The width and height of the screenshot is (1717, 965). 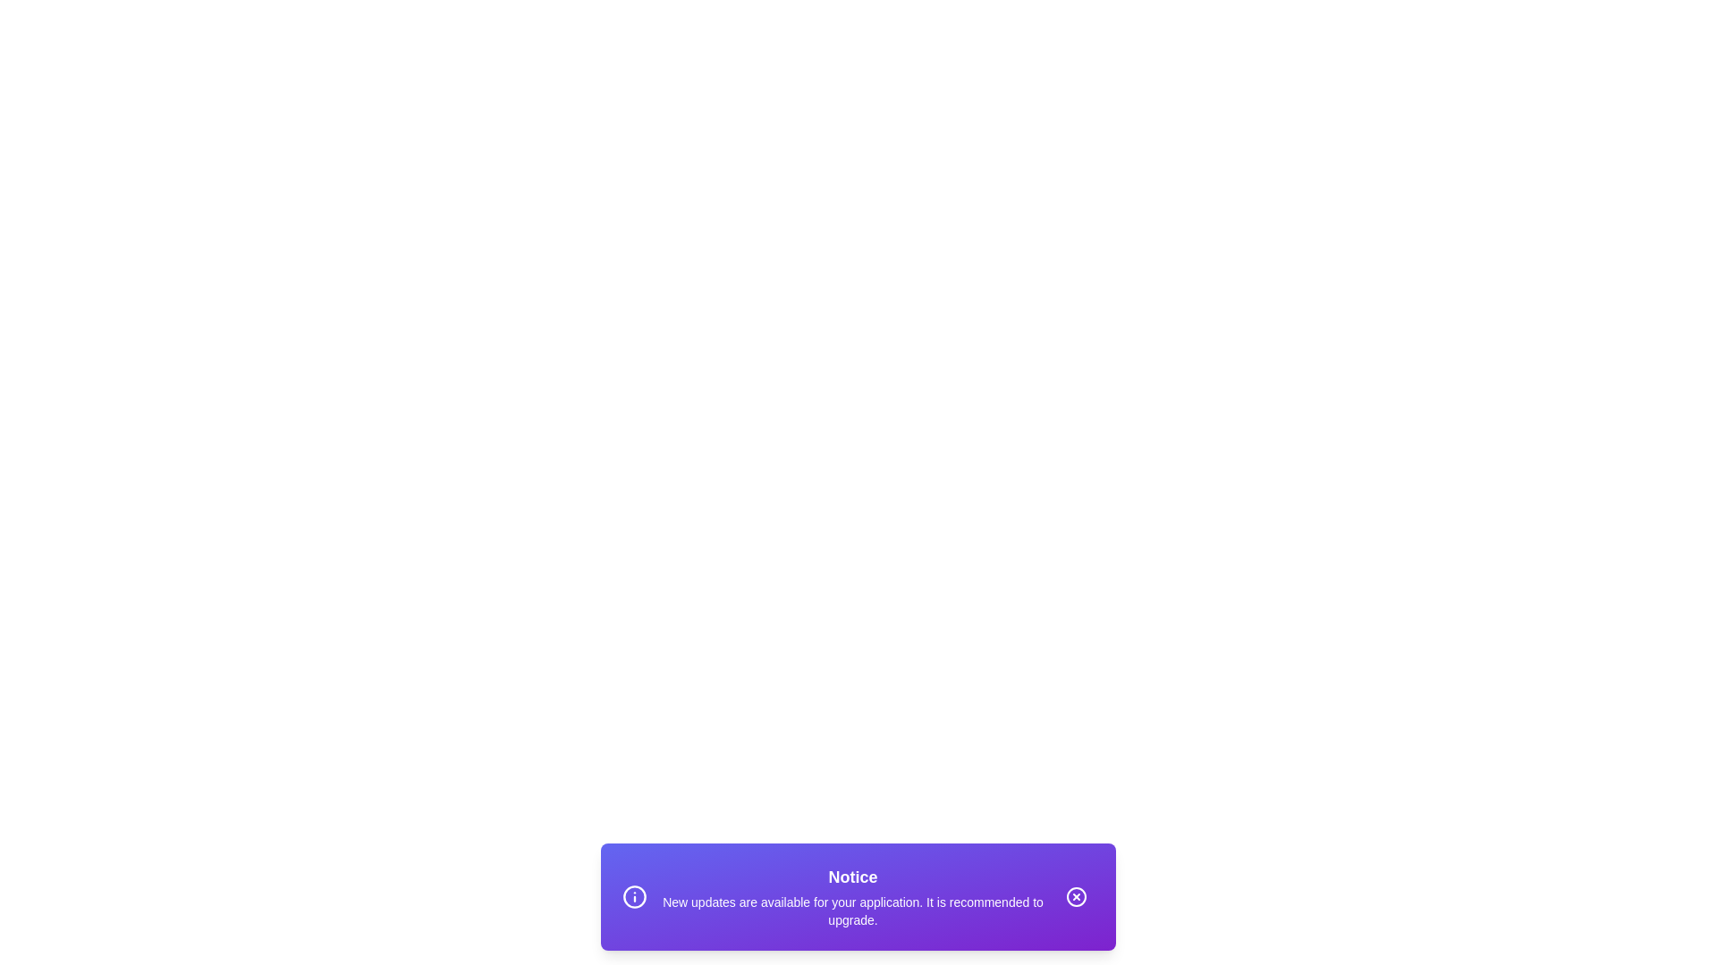 What do you see at coordinates (1076, 896) in the screenshot?
I see `close button to hide the alert` at bounding box center [1076, 896].